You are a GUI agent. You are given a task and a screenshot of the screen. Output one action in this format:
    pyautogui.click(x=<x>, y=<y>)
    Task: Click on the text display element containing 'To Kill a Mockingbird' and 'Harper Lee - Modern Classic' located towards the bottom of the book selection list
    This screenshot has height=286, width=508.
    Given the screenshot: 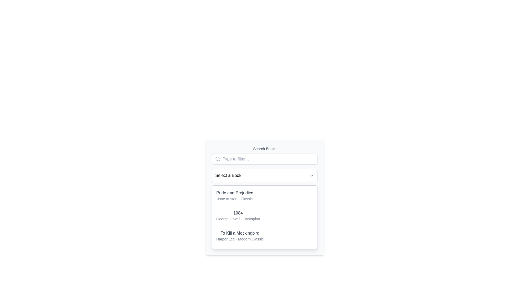 What is the action you would take?
    pyautogui.click(x=240, y=236)
    